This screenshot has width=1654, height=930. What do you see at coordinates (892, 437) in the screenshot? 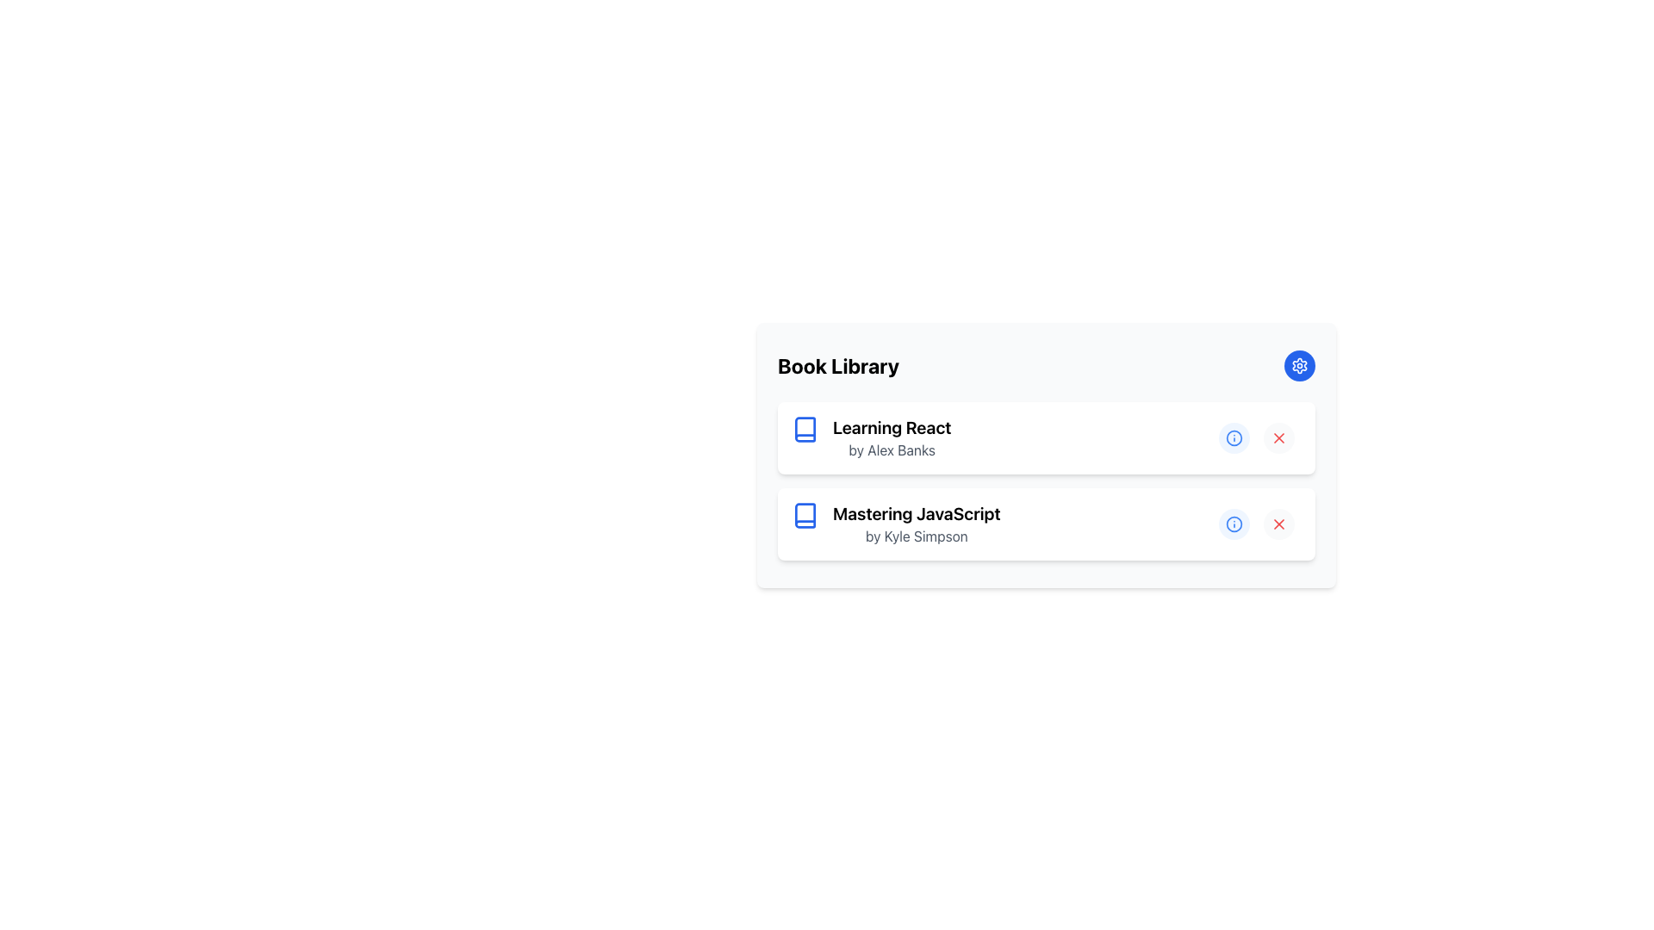
I see `text content of the Text Display that shows 'Learning React' and 'by Alex Banks' located in the top-left quadrant of the interface` at bounding box center [892, 437].